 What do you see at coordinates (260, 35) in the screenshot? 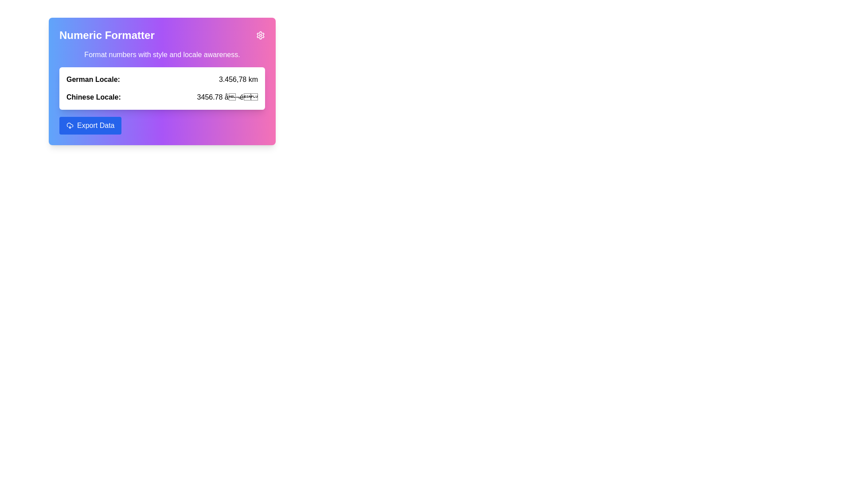
I see `the settings icon located at the top-right corner of the 'Numeric Formatter' section` at bounding box center [260, 35].